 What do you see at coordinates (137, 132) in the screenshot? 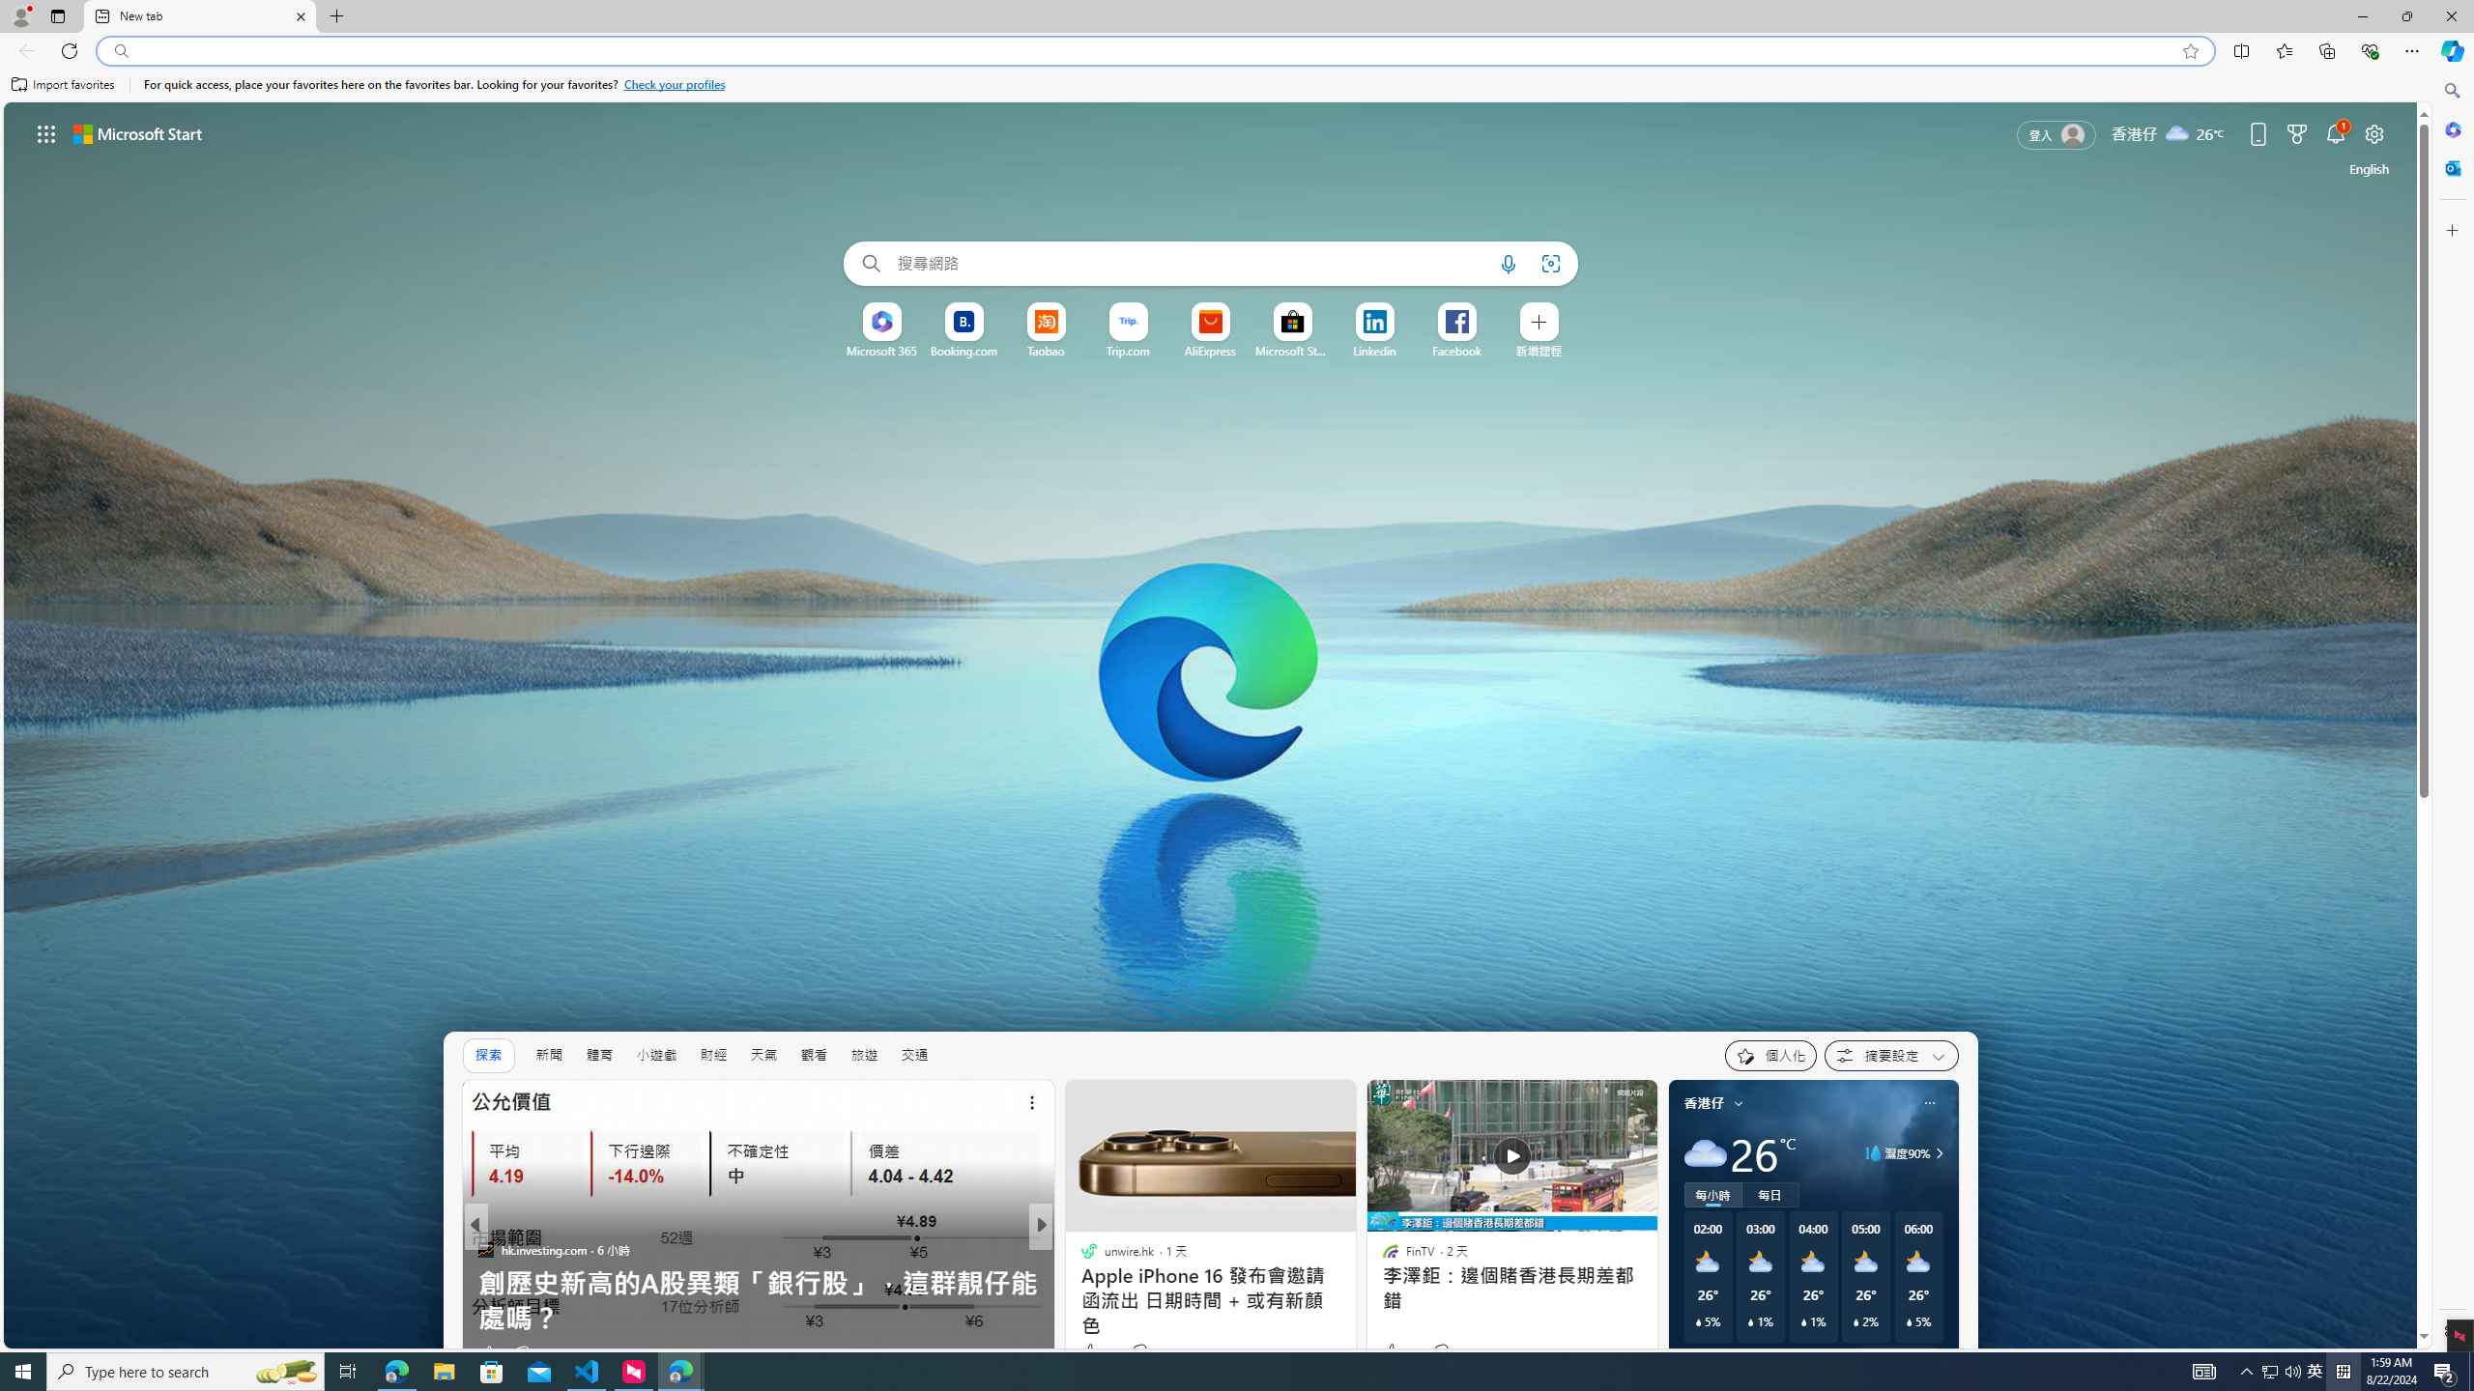
I see `'Microsoft start'` at bounding box center [137, 132].